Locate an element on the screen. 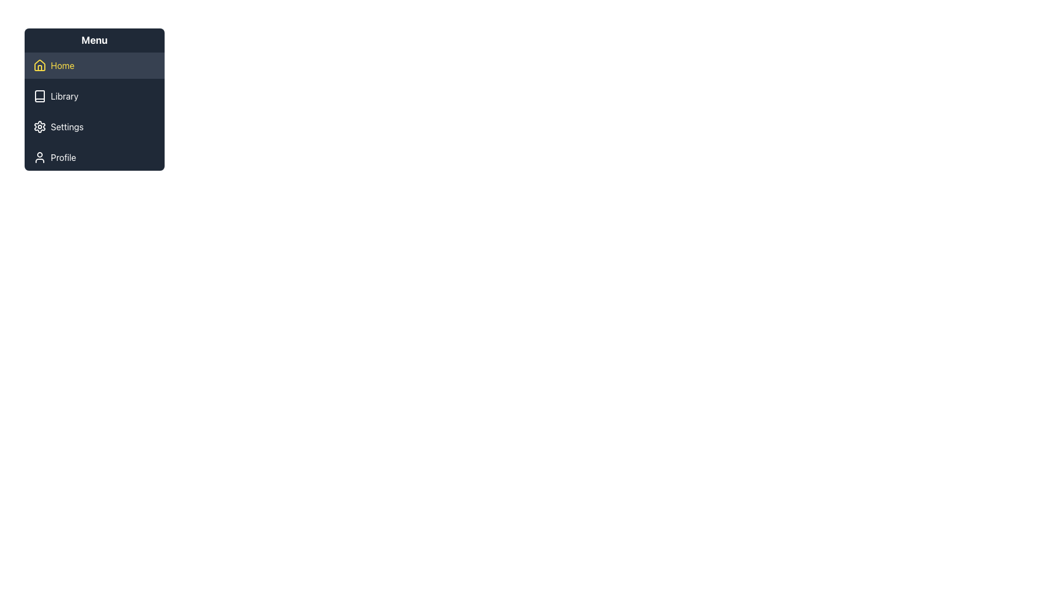 The width and height of the screenshot is (1050, 591). the 'Library' text label located in the left sidebar navigation is located at coordinates (64, 96).